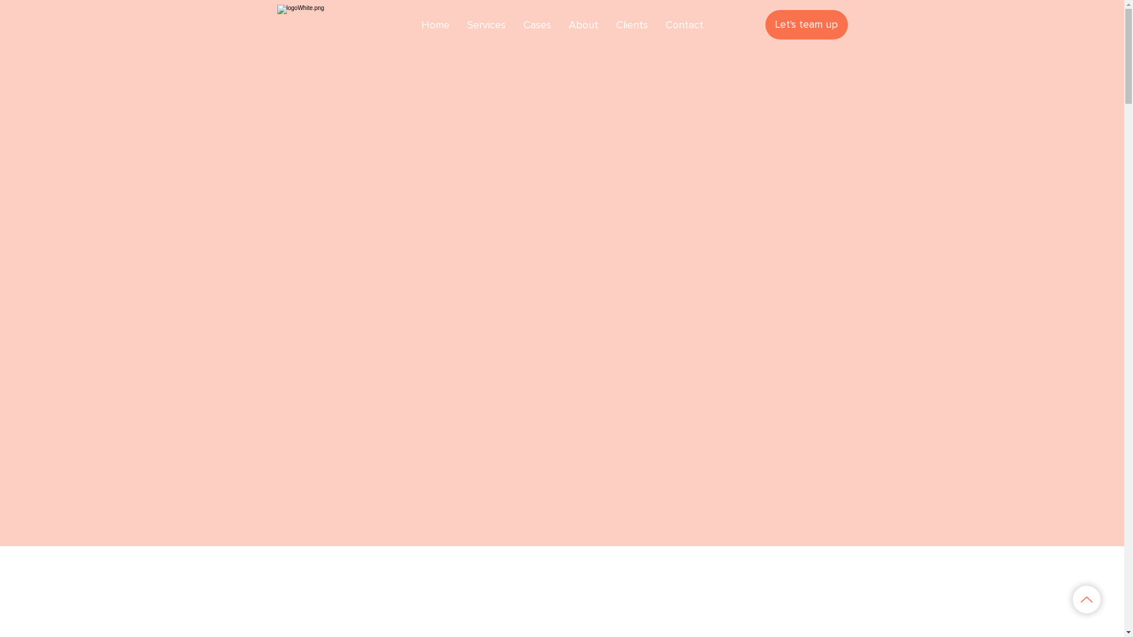  Describe the element at coordinates (536, 25) in the screenshot. I see `'Cases'` at that location.